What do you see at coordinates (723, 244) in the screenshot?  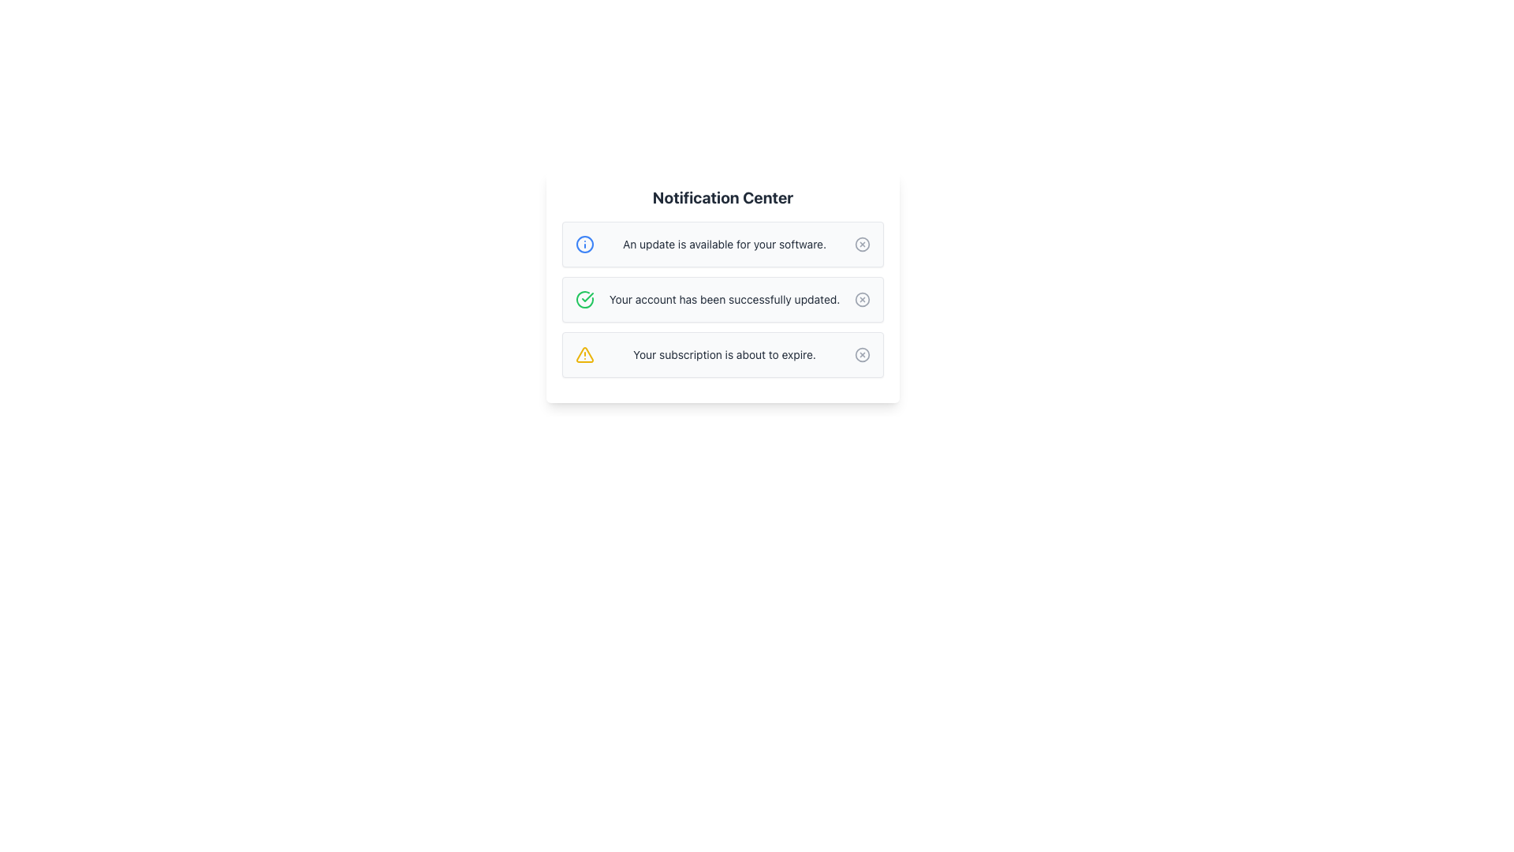 I see `the text element that says 'An update is available for your software.' which is centrally aligned within a notification box, located directly below the 'Notification Center' heading` at bounding box center [723, 244].